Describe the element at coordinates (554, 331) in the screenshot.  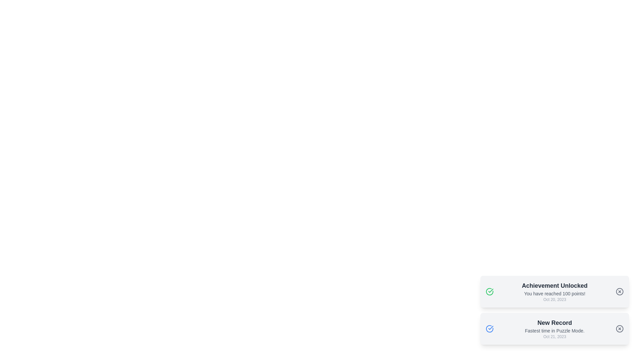
I see `the text label displaying 'Fastest time in Puzzle Mode', which is styled in a small gray font and located between 'New Record' and 'Oct 21, 2023'` at that location.